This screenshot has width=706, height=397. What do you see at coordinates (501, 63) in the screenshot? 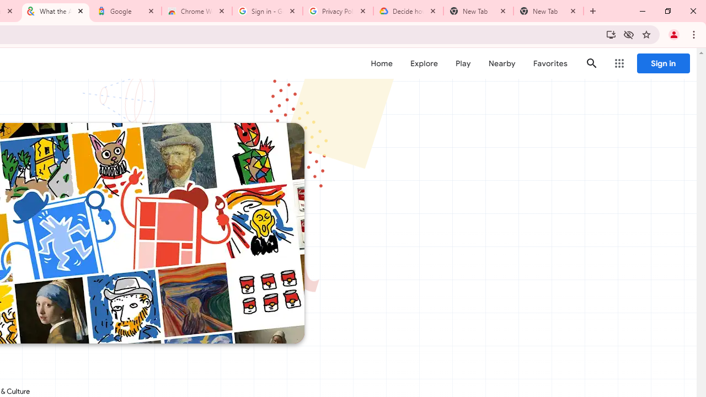
I see `'Nearby'` at bounding box center [501, 63].